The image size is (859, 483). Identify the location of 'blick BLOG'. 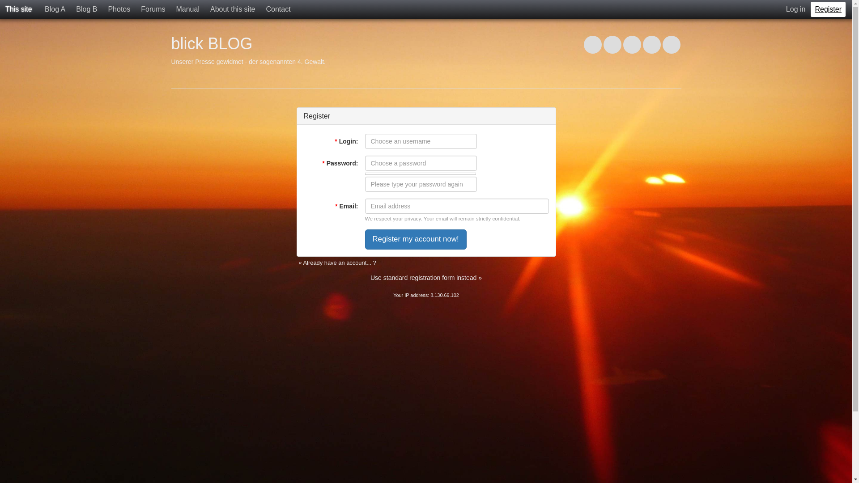
(211, 43).